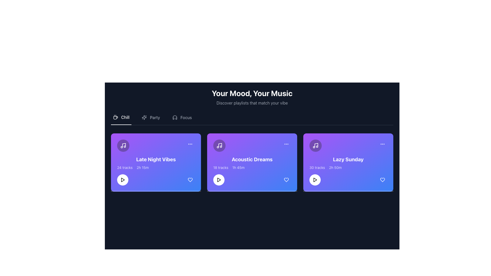 The height and width of the screenshot is (276, 491). Describe the element at coordinates (286, 180) in the screenshot. I see `the heart-shaped icon located at the bottom-right corner of the 'Acoustic Dreams' playlist card to mark it as a favourite` at that location.